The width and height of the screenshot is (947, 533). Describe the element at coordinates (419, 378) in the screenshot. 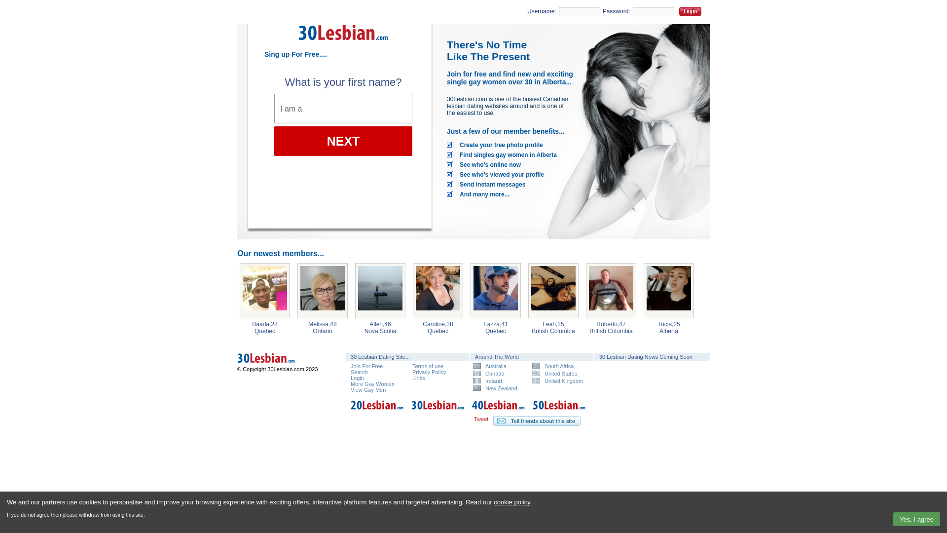

I see `'Links'` at that location.